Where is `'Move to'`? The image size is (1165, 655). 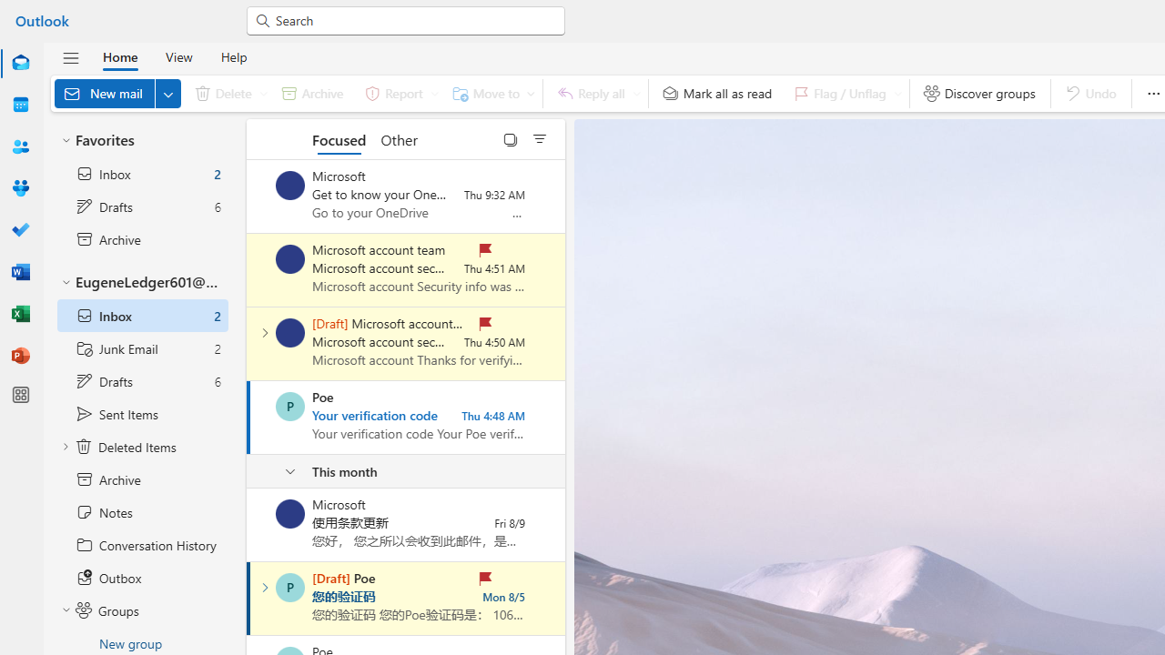
'Move to' is located at coordinates (490, 93).